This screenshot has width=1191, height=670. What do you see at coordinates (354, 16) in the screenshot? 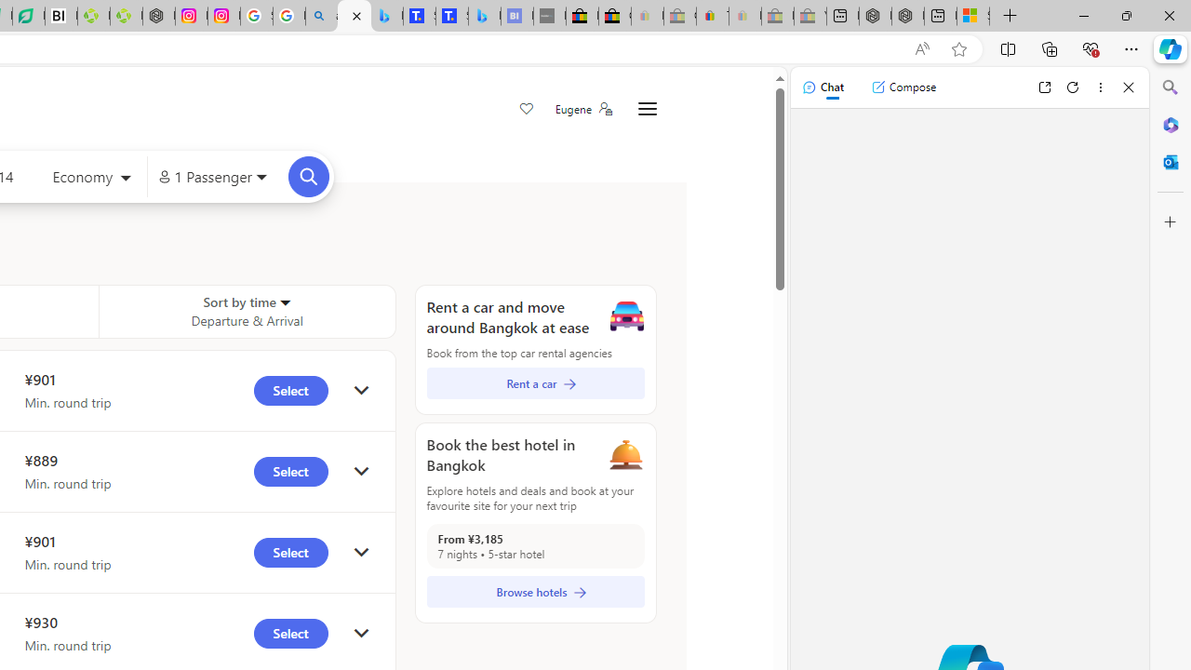
I see `'Microsoft Bing Travel - Flights from Hong Kong to Bangkok'` at bounding box center [354, 16].